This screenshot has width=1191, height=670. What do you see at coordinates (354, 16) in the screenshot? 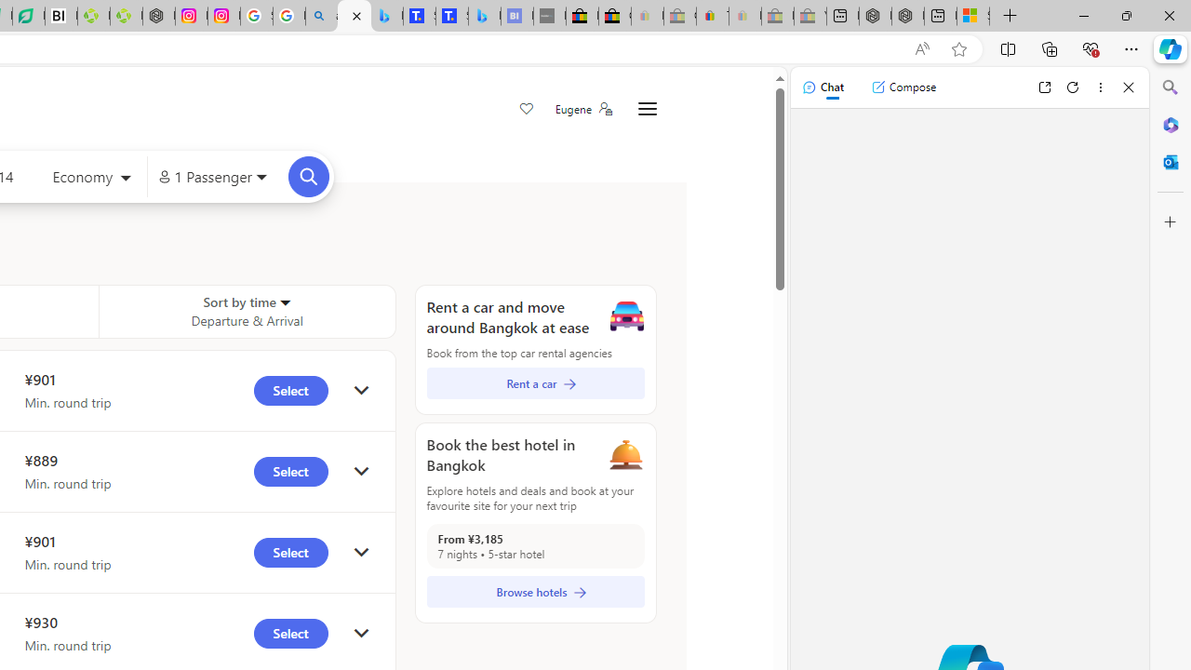
I see `'Microsoft Bing Travel - Flights from Hong Kong to Bangkok'` at bounding box center [354, 16].